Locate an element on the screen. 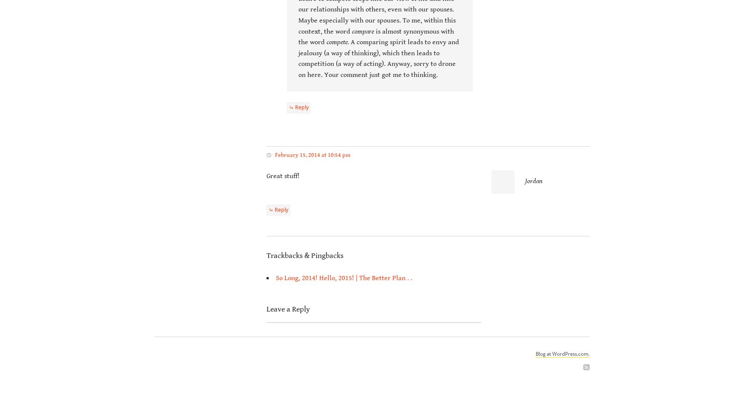 The image size is (744, 397). 'Jordan' is located at coordinates (533, 181).